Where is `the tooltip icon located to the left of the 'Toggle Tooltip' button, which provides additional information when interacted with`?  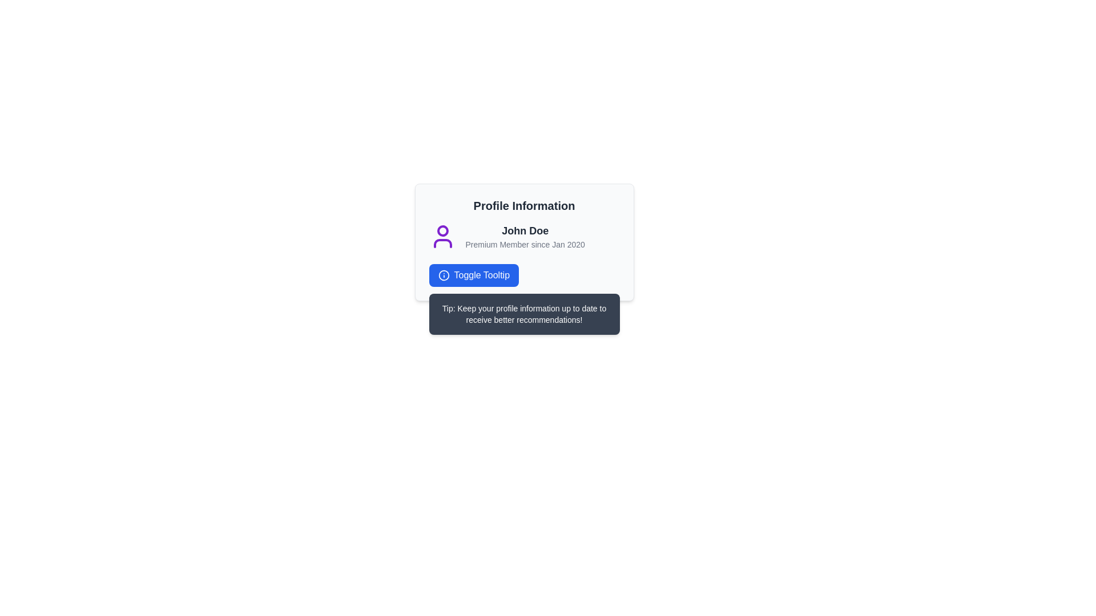 the tooltip icon located to the left of the 'Toggle Tooltip' button, which provides additional information when interacted with is located at coordinates (443, 275).